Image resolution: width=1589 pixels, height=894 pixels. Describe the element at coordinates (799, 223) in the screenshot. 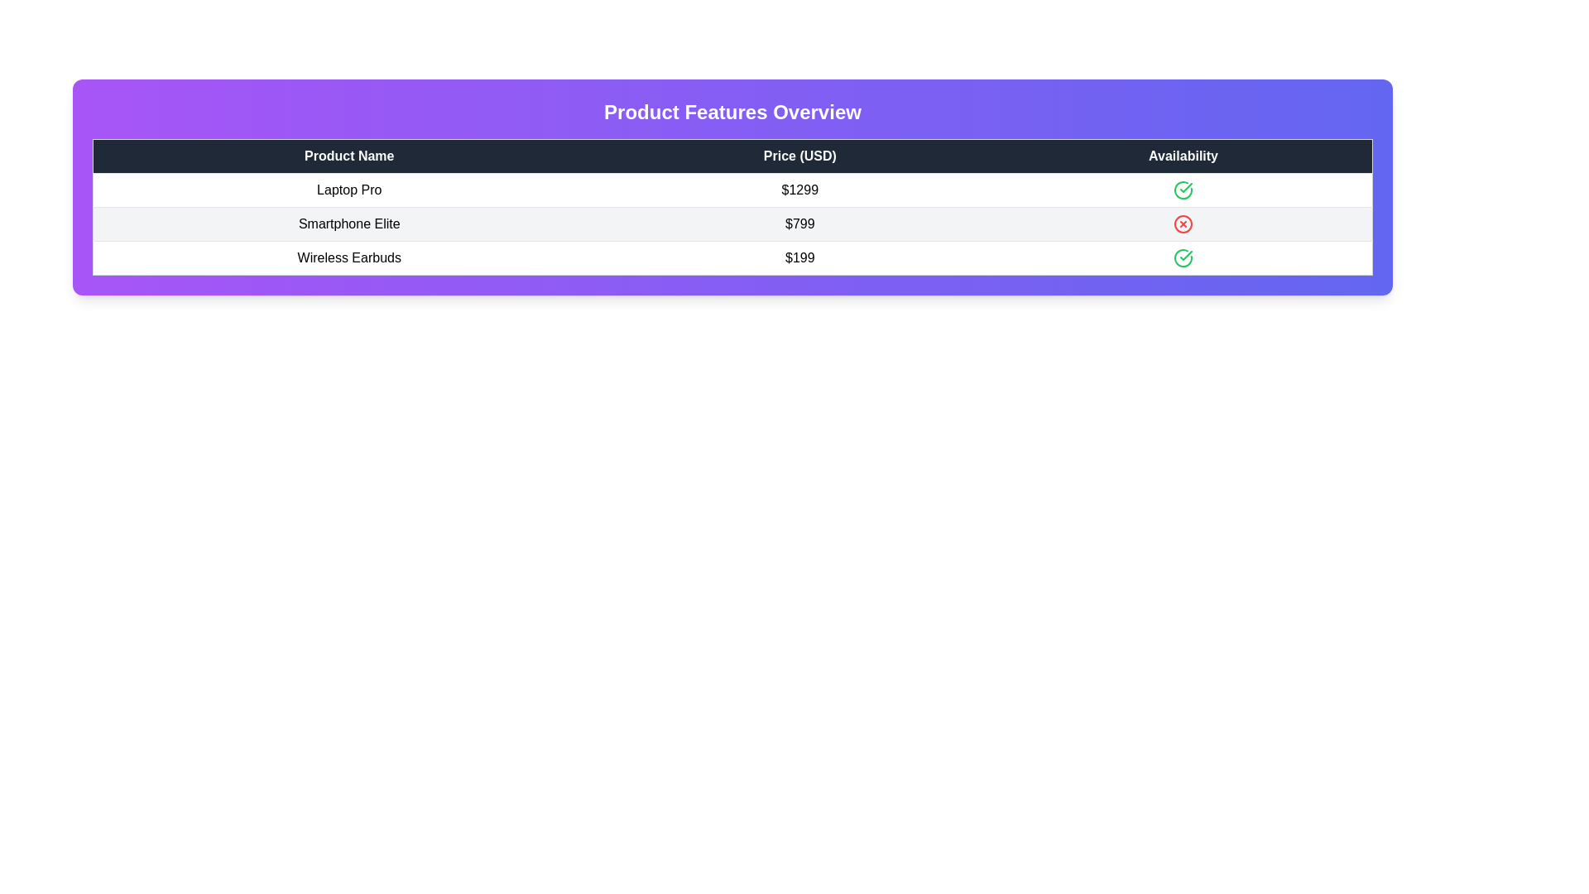

I see `static text displaying the price '$799' for the 'Smartphone Elite' in the 'Price (USD)' column of the product table` at that location.